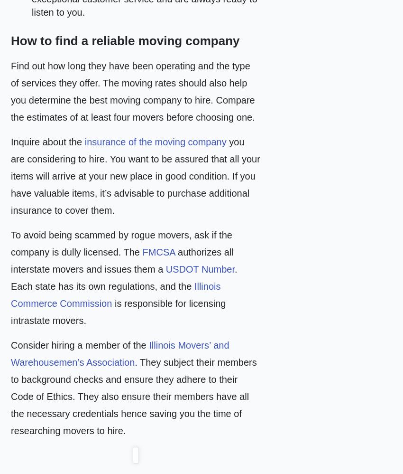 Image resolution: width=403 pixels, height=474 pixels. Describe the element at coordinates (47, 142) in the screenshot. I see `'Inquire about the'` at that location.